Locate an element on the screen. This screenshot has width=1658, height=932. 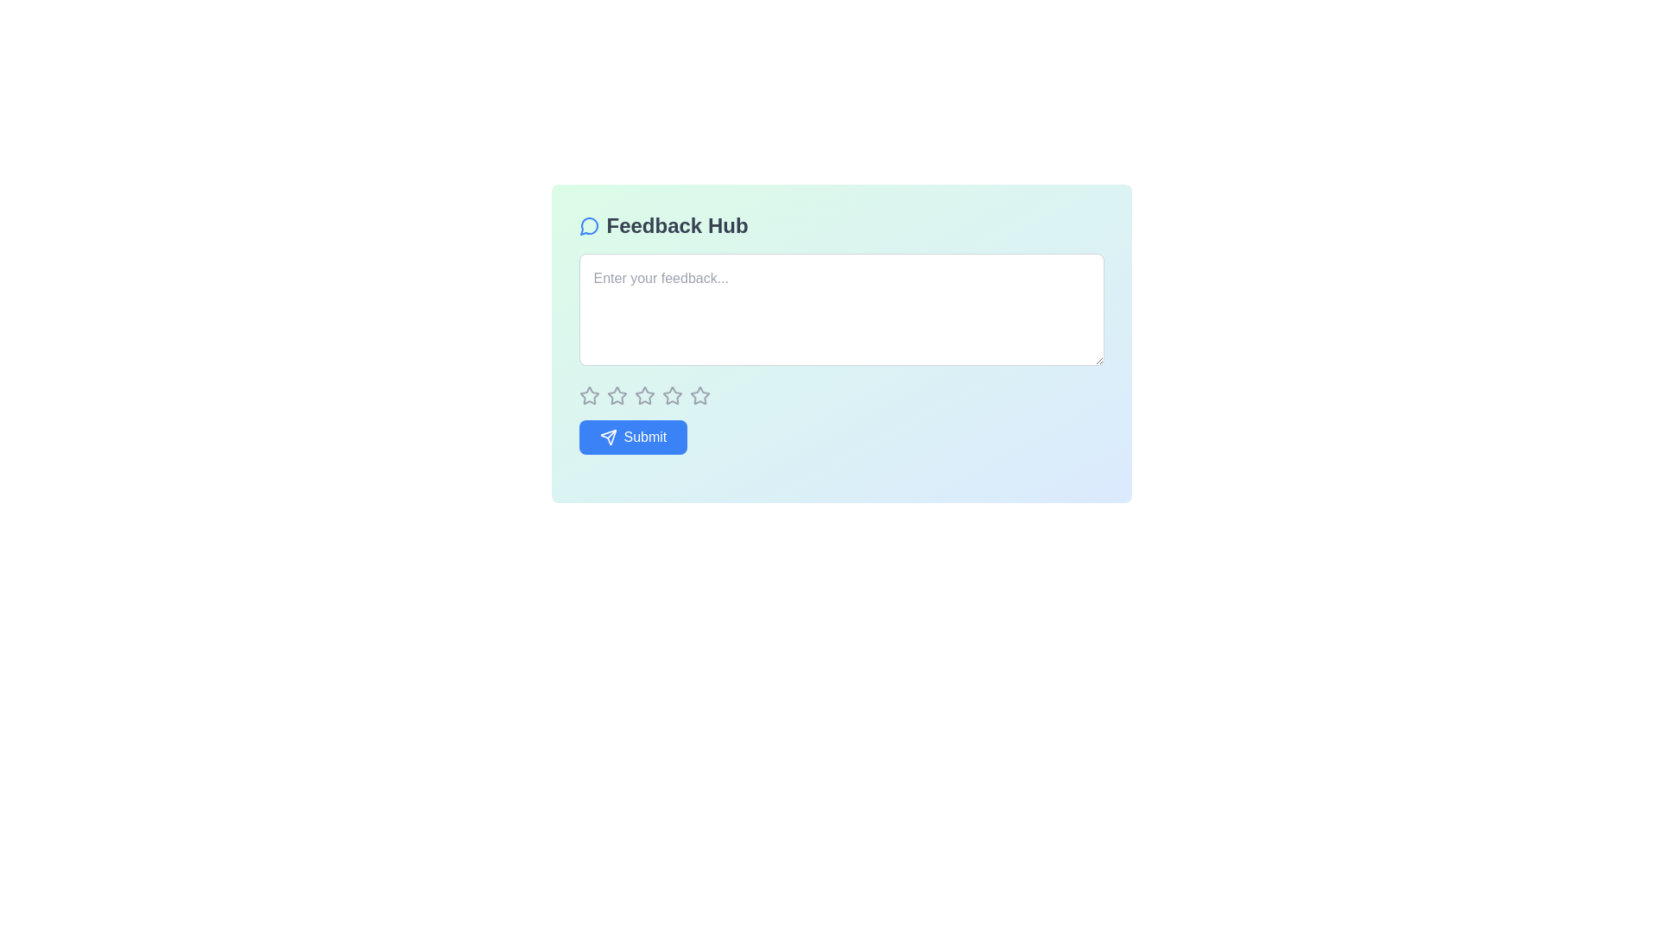
the SVG icon representing the 'Feedback Hub' title is located at coordinates (588, 225).